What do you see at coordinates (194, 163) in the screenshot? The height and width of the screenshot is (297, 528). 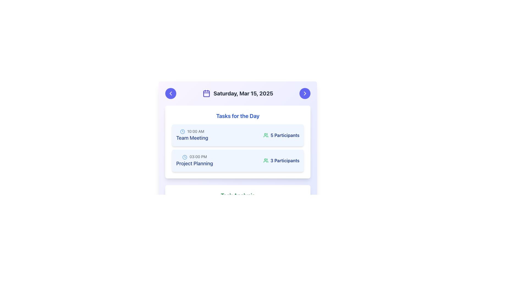 I see `the Text Label titled 'Project Planning' located in the second task card under the 'Tasks for the Day' section, positioned below '03:00 PM' and next to the clock icon` at bounding box center [194, 163].